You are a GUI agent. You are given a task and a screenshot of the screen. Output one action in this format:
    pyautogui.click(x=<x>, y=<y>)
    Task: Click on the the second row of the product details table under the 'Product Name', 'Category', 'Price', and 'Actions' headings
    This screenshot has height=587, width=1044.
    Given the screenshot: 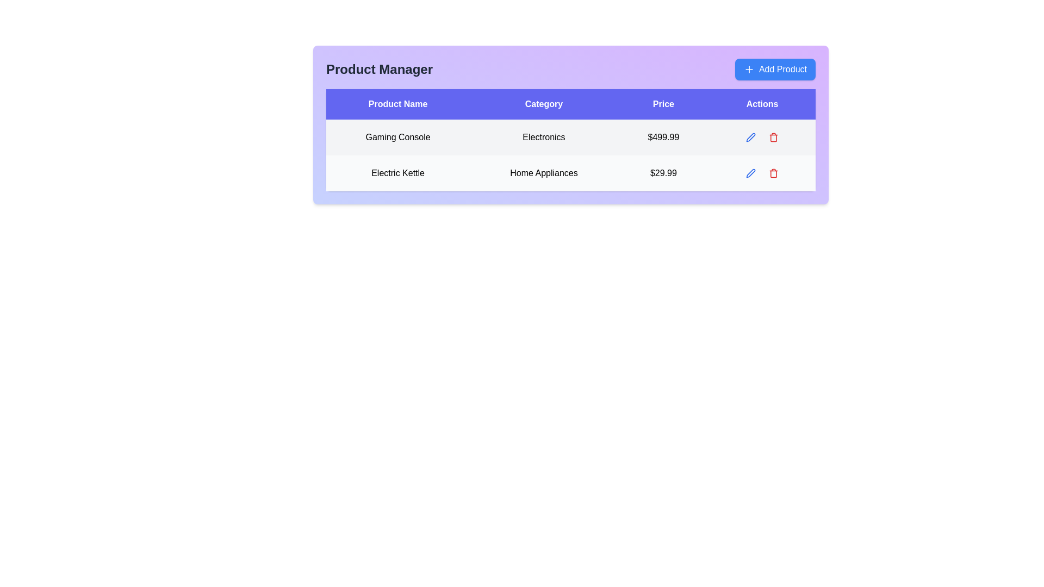 What is the action you would take?
    pyautogui.click(x=570, y=155)
    